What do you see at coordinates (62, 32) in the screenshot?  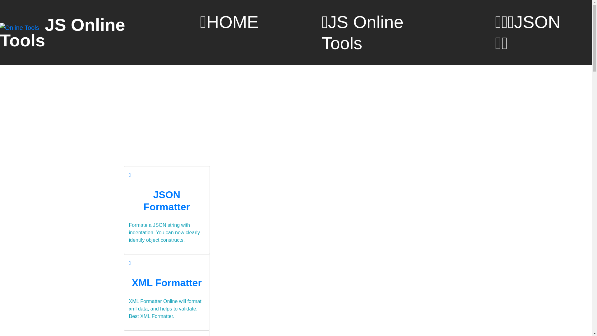 I see `'JS Online Tools'` at bounding box center [62, 32].